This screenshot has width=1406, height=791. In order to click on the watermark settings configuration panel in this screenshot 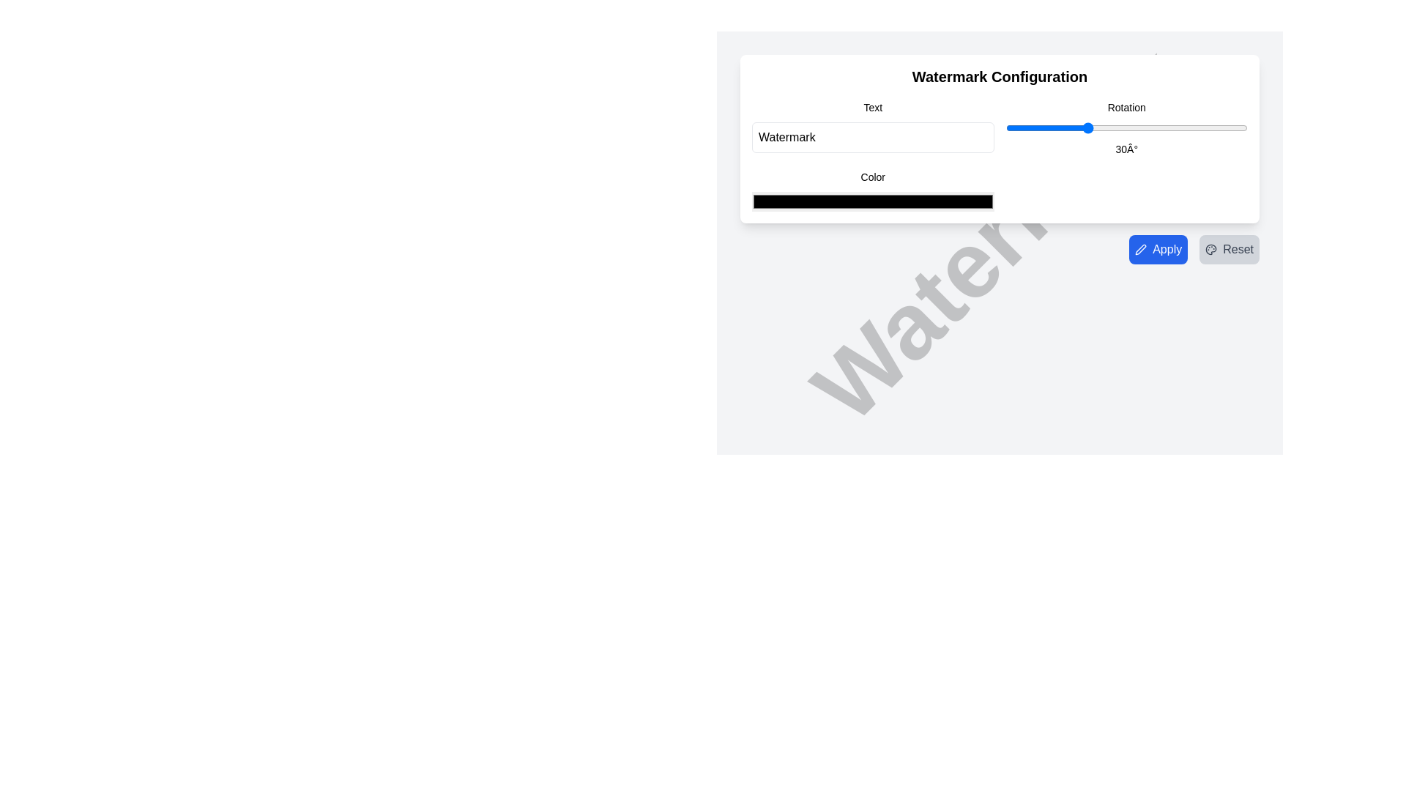, I will do `click(999, 138)`.